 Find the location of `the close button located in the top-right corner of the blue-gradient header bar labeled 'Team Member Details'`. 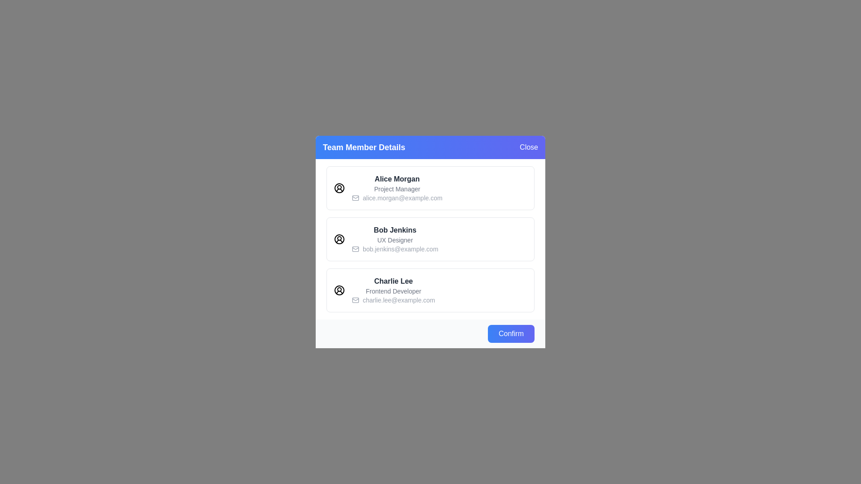

the close button located in the top-right corner of the blue-gradient header bar labeled 'Team Member Details' is located at coordinates (529, 147).